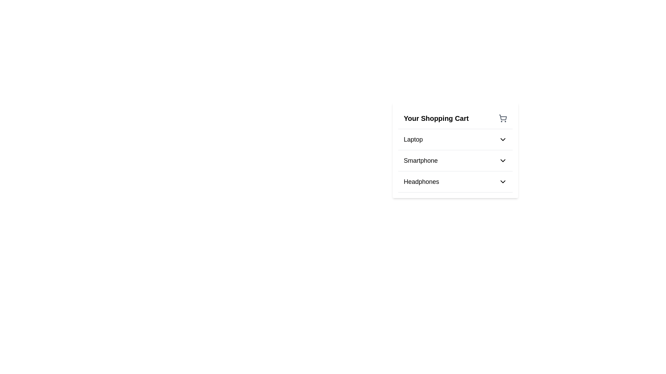 The height and width of the screenshot is (374, 666). I want to click on the 'Laptop' button, which is the first item in the vertical list under 'Your Shopping Cart', so click(455, 139).